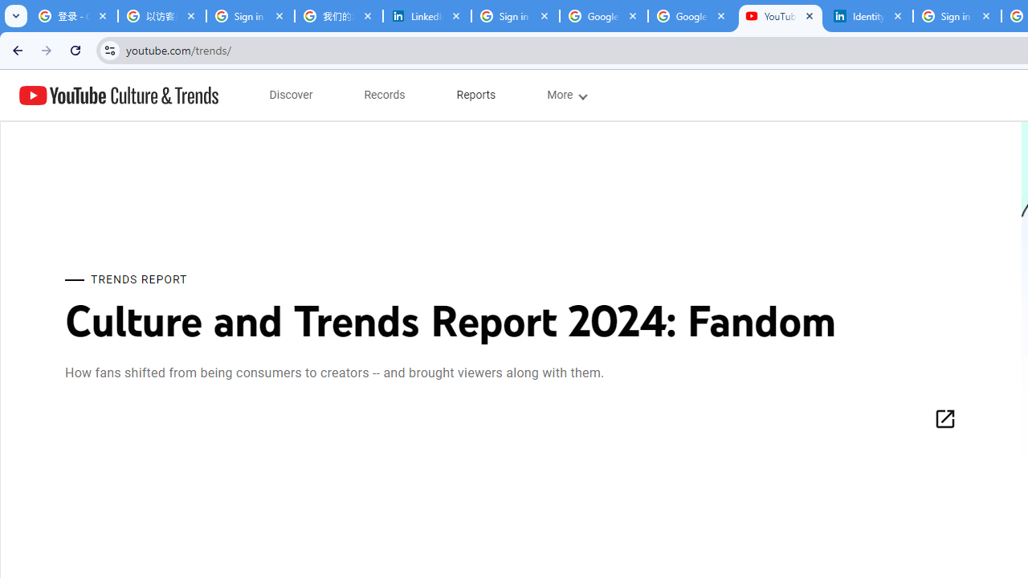 The height and width of the screenshot is (578, 1028). I want to click on 'subnav-More menupopup', so click(566, 95).